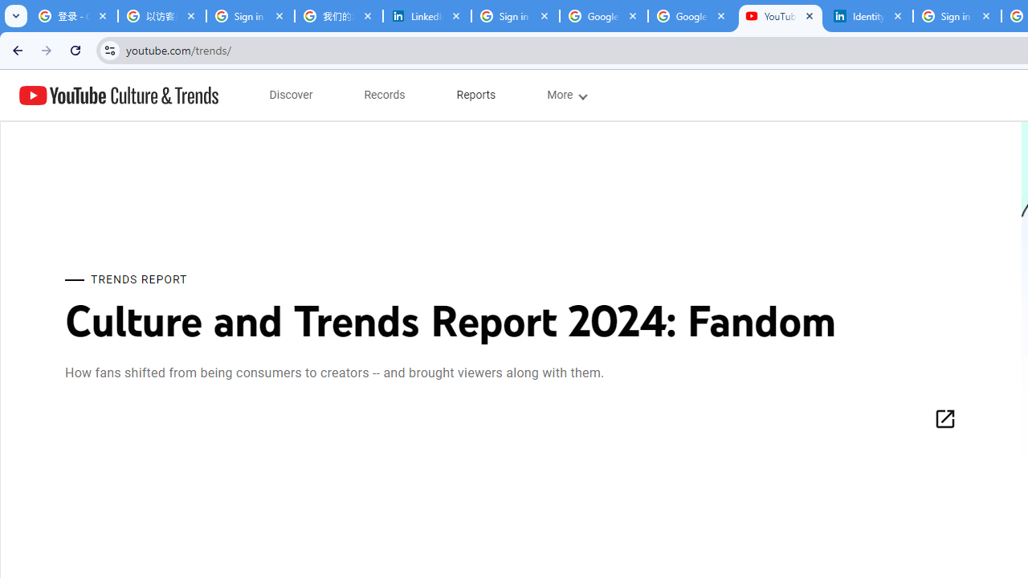 The height and width of the screenshot is (578, 1028). I want to click on 'subnav-More menupopup', so click(566, 95).